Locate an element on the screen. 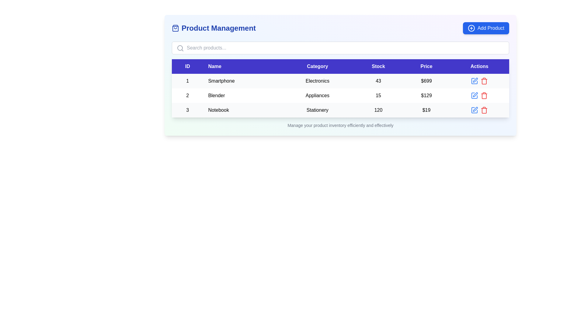 The height and width of the screenshot is (328, 584). the inactive gray magnifying glass icon located inside the search bar, positioned to the left of the input field for typing queries is located at coordinates (180, 48).